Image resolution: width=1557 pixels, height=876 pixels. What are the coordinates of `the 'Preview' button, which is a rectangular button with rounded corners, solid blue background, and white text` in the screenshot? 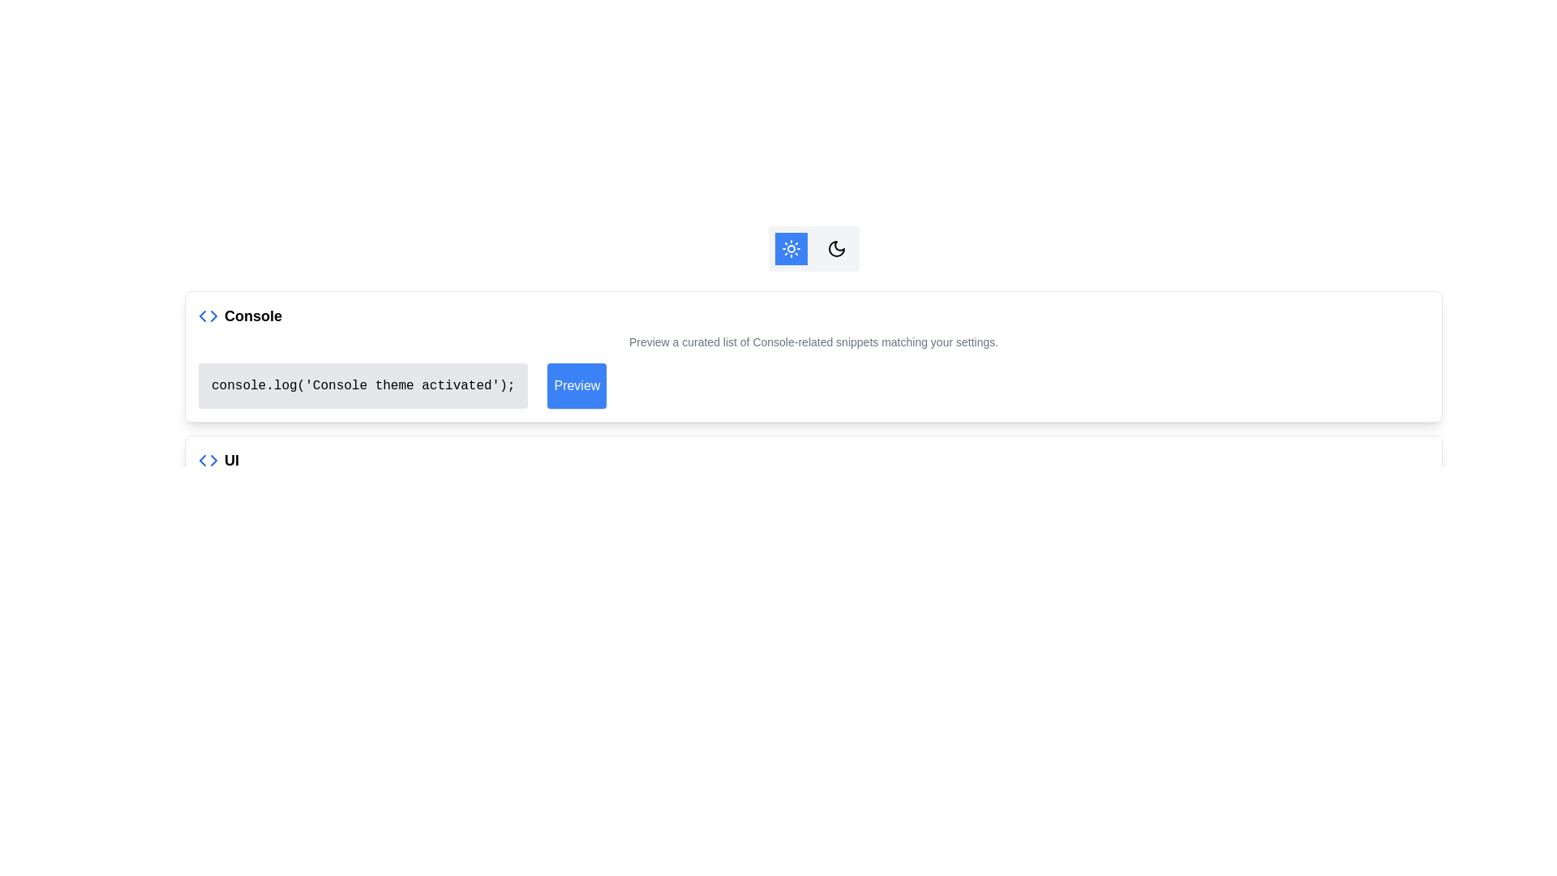 It's located at (577, 385).